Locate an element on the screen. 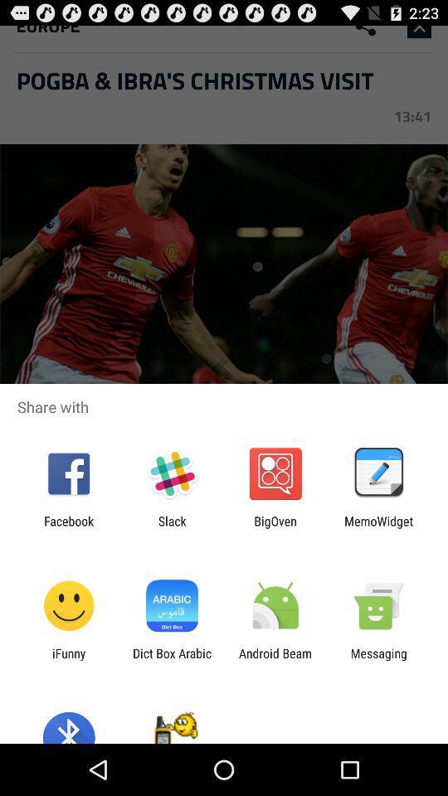  the bigoven is located at coordinates (275, 527).